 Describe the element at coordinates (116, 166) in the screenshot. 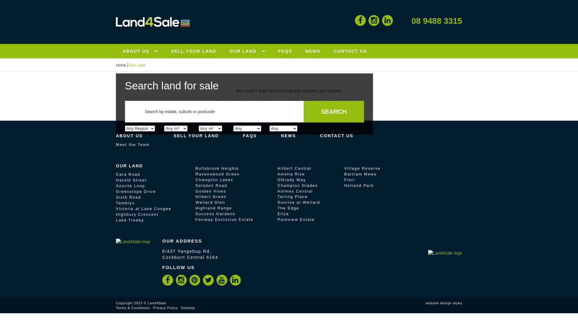

I see `'OUR LAND'` at that location.